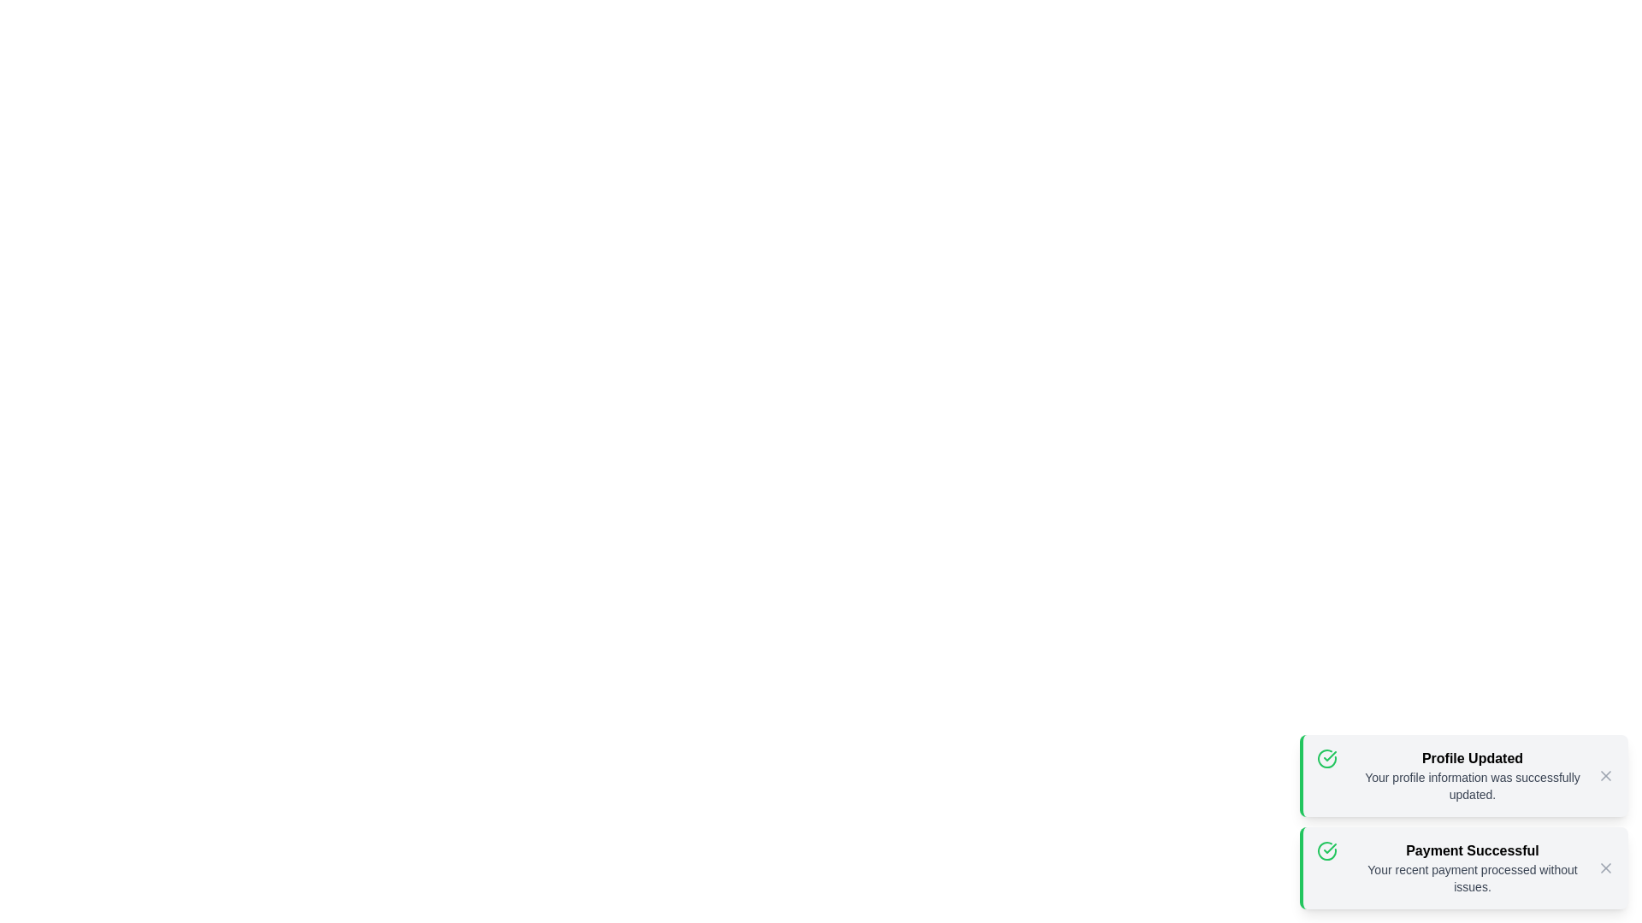 This screenshot has height=923, width=1642. Describe the element at coordinates (1604, 775) in the screenshot. I see `the close button of the notification with title Profile Updated` at that location.